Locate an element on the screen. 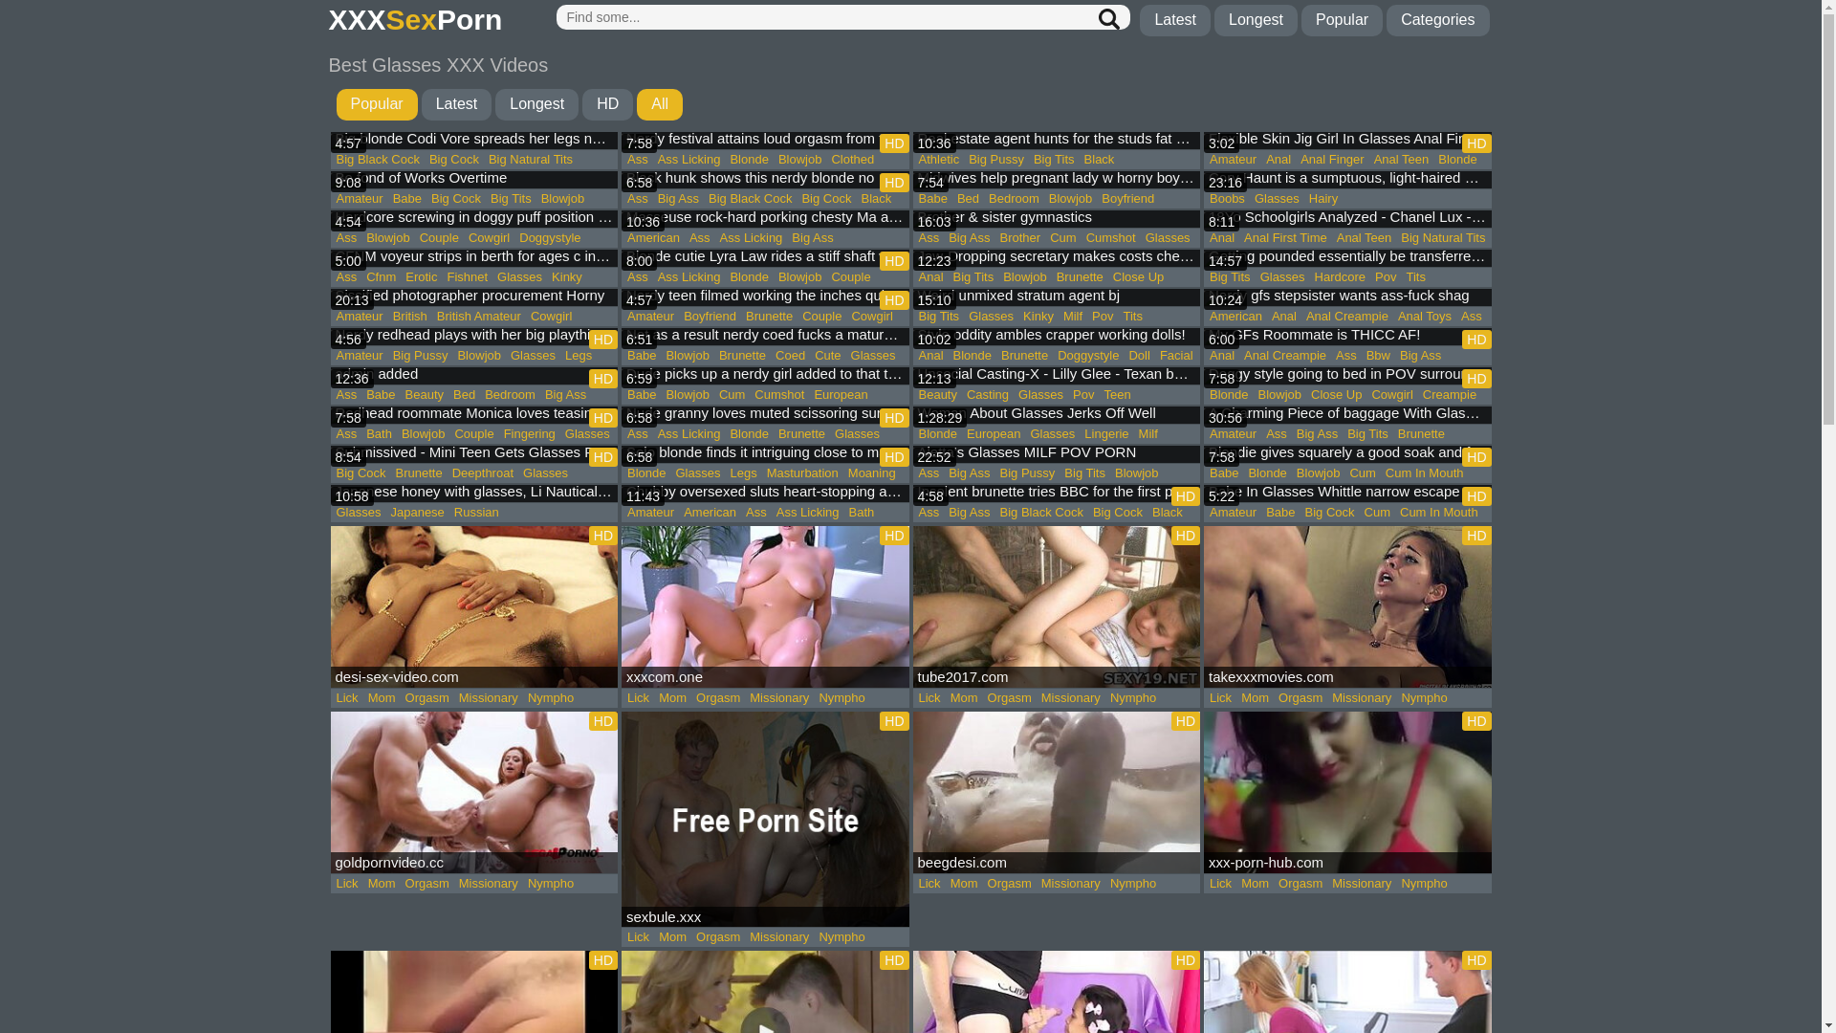 The width and height of the screenshot is (1836, 1033). 'Anal Creampie' is located at coordinates (1239, 355).